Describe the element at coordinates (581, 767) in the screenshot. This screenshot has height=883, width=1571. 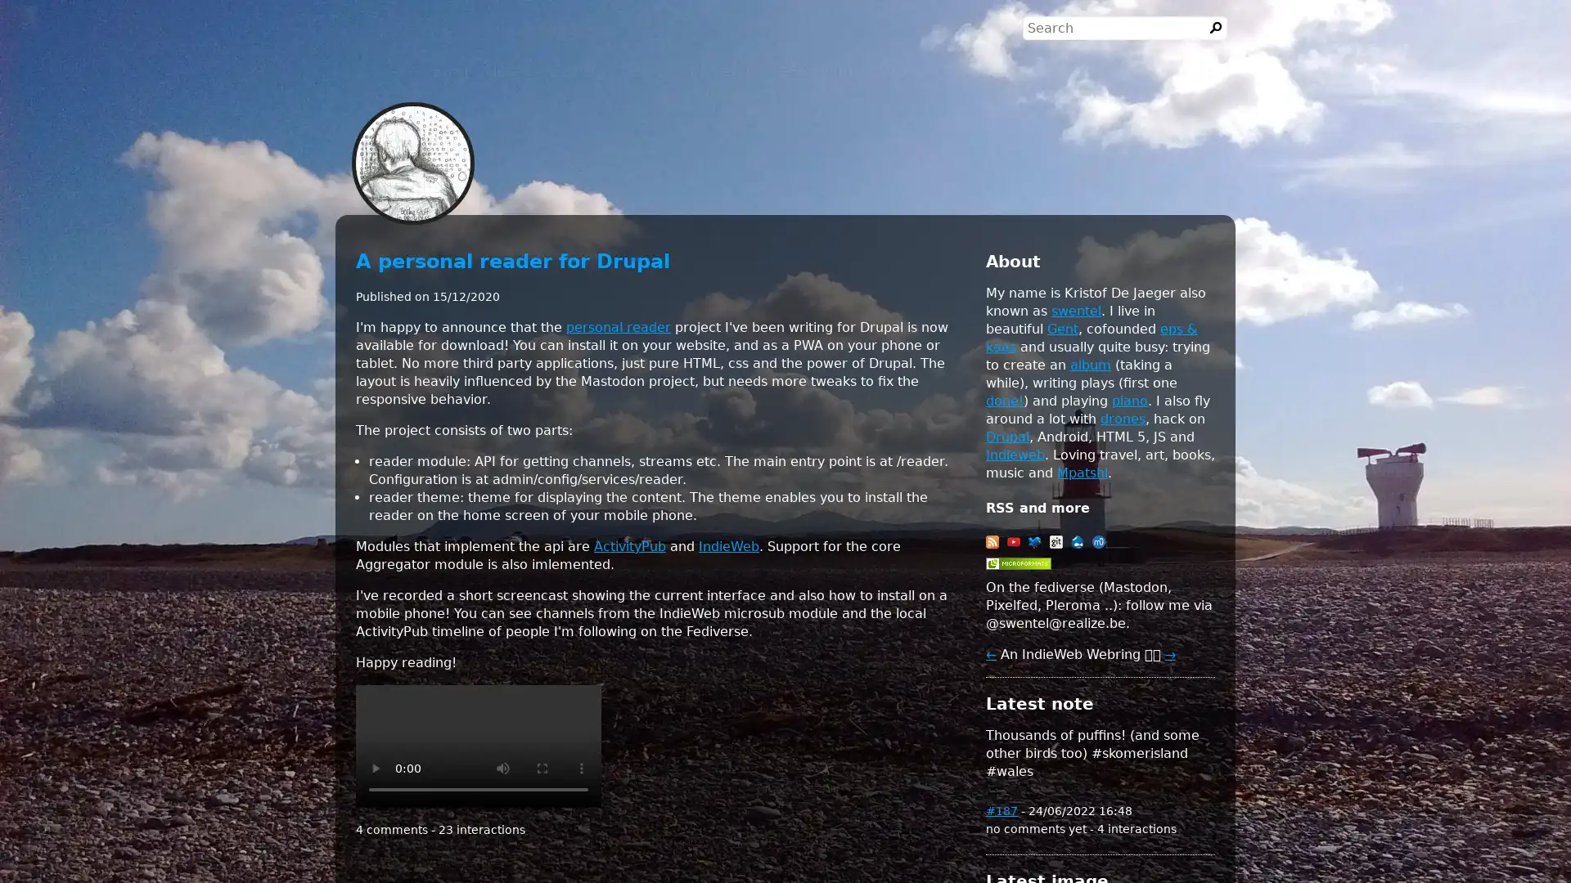
I see `show more media controls` at that location.